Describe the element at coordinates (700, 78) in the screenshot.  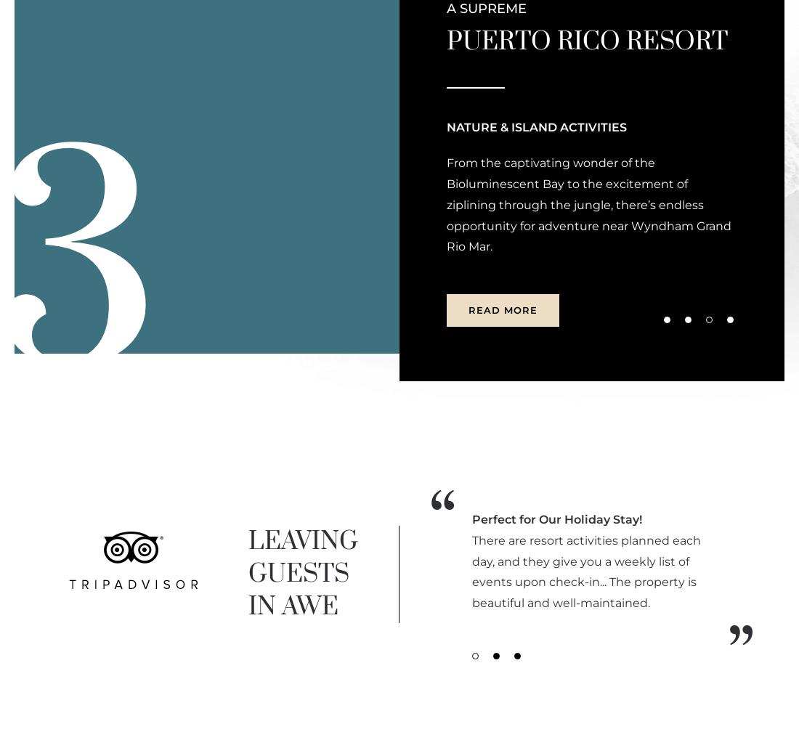
I see `'Become a Member'` at that location.